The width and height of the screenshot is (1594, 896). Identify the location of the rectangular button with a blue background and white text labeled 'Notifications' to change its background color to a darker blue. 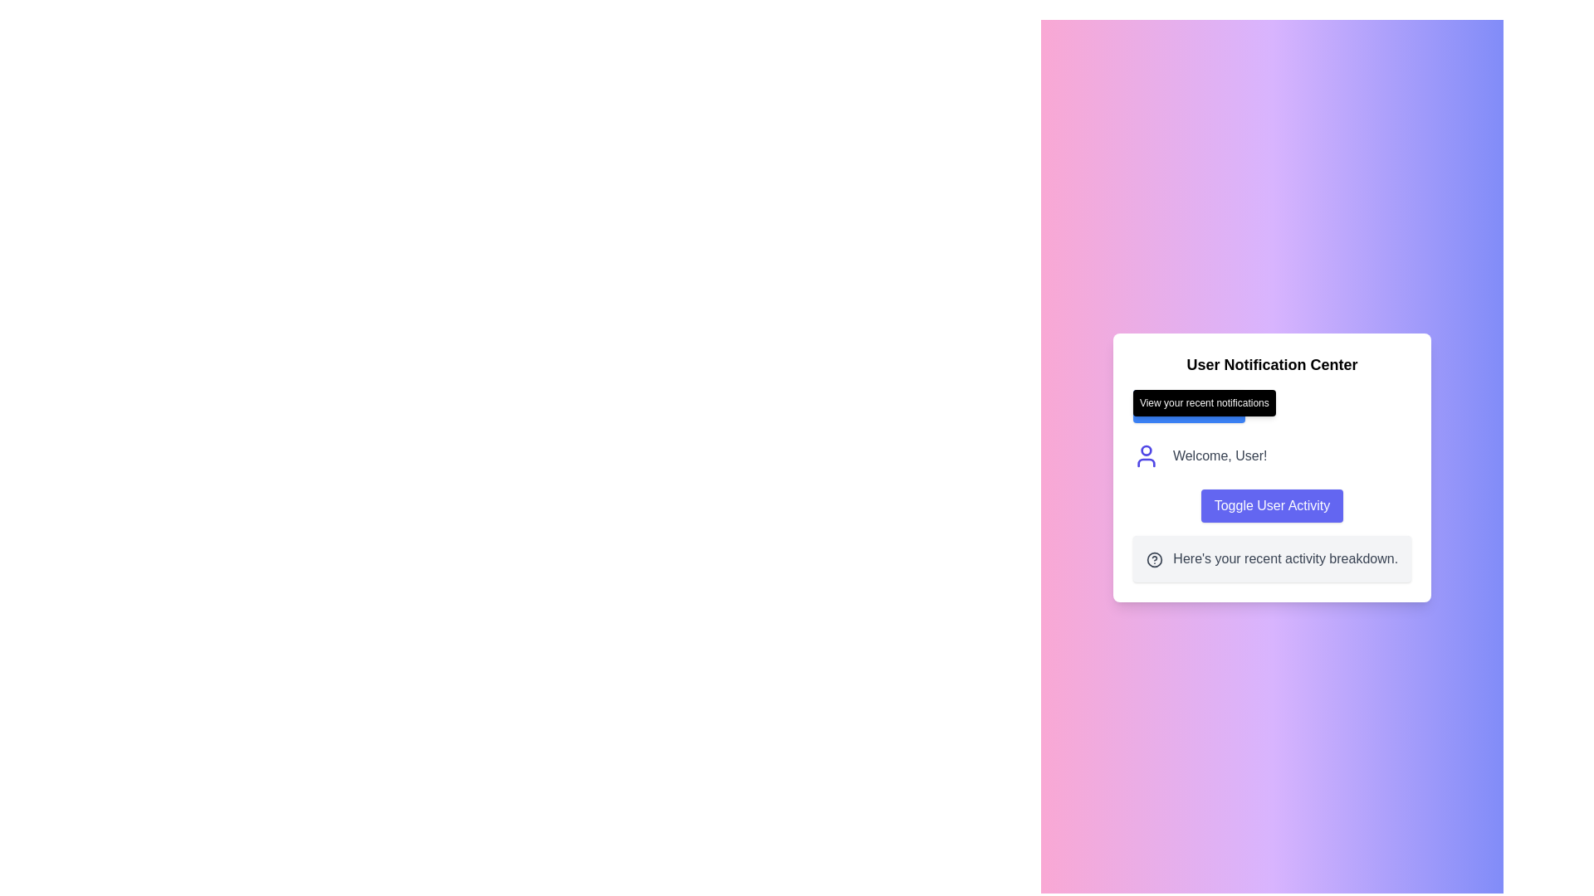
(1188, 406).